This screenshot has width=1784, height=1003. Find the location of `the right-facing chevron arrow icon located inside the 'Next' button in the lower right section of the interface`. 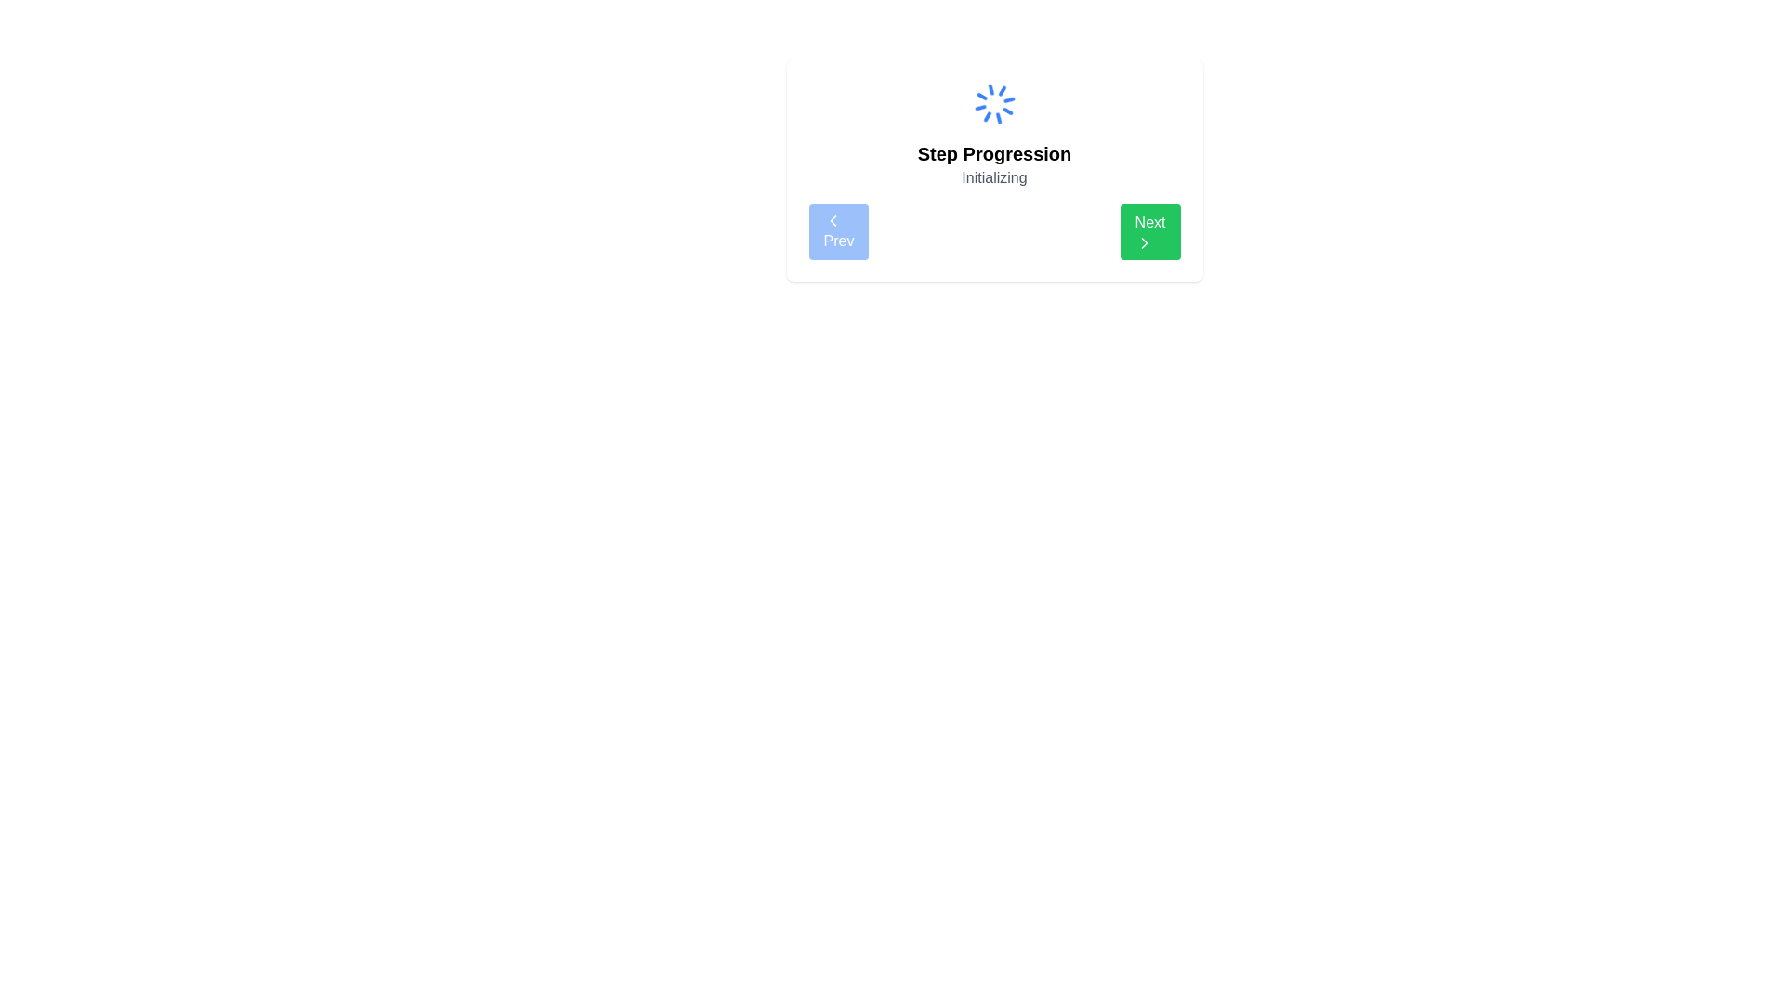

the right-facing chevron arrow icon located inside the 'Next' button in the lower right section of the interface is located at coordinates (1143, 242).